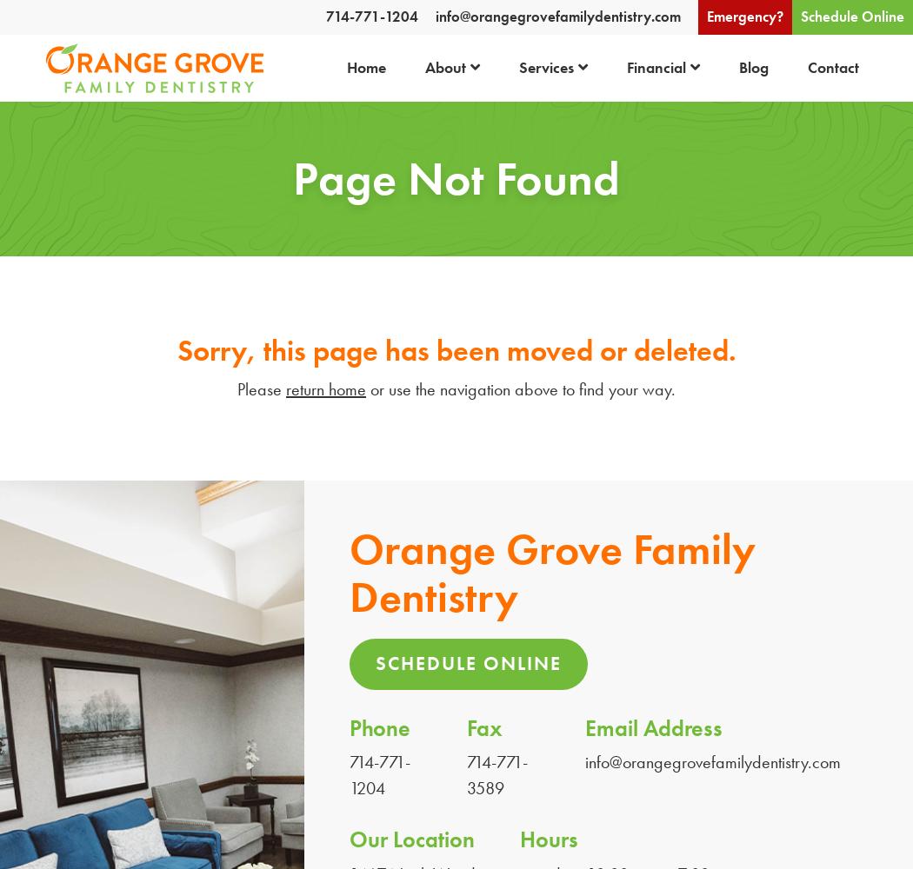 The width and height of the screenshot is (913, 869). What do you see at coordinates (518, 839) in the screenshot?
I see `'Hours'` at bounding box center [518, 839].